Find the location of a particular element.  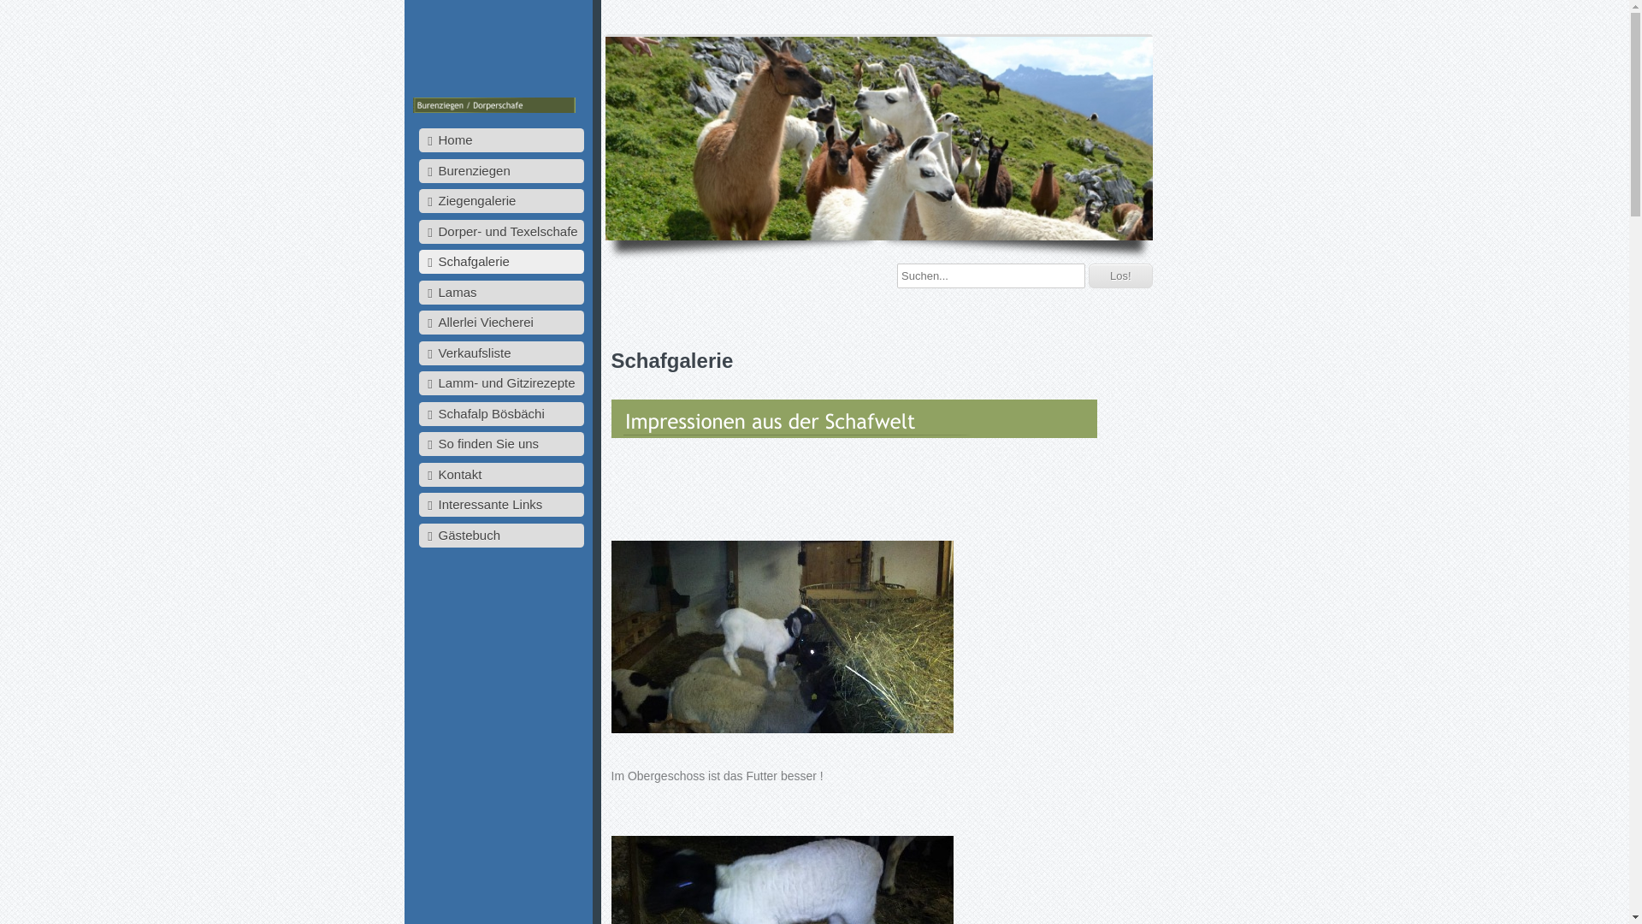

'Dorper- und Texelschafe' is located at coordinates (418, 231).